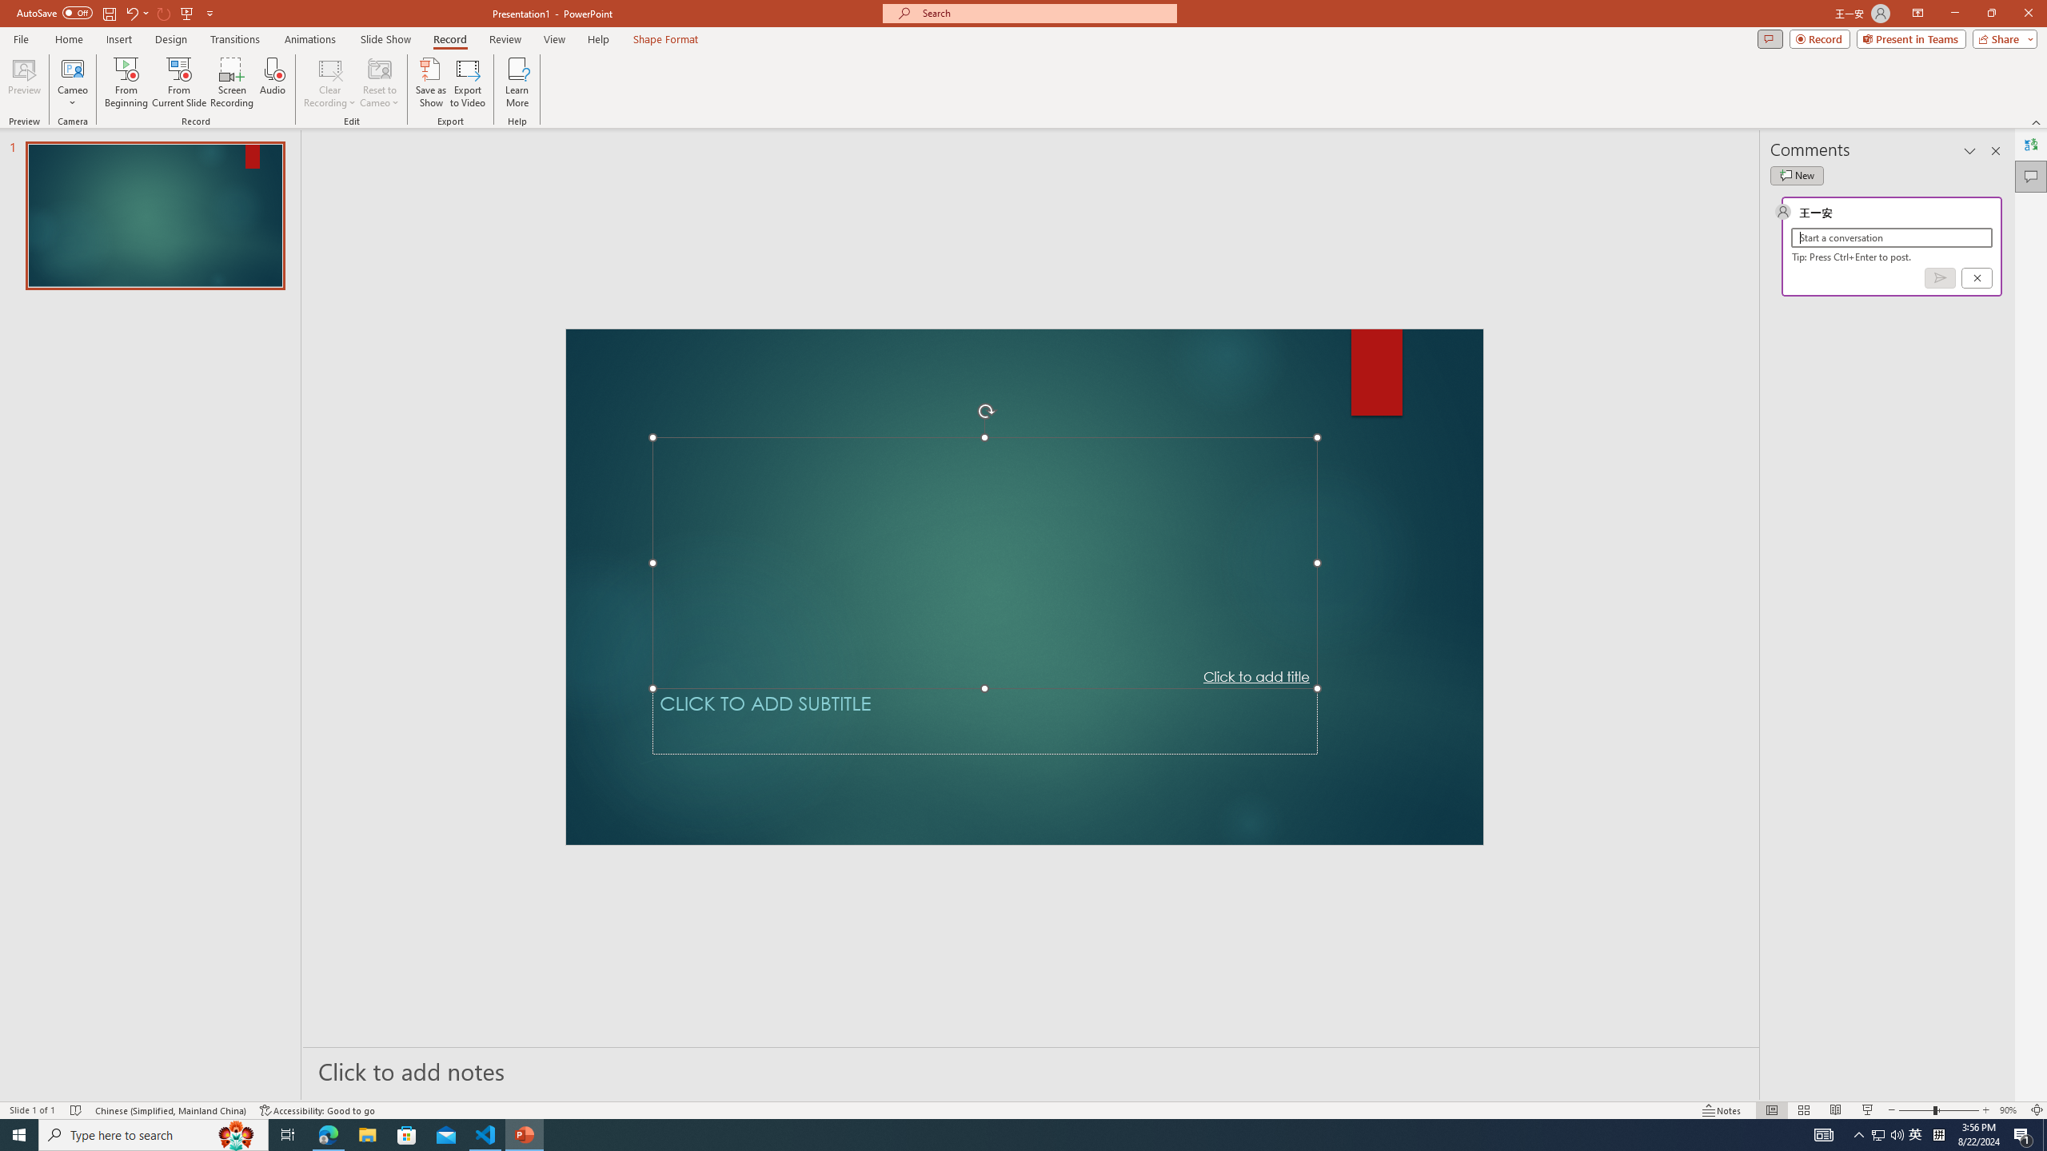 The image size is (2047, 1151). I want to click on 'New comment', so click(1796, 174).